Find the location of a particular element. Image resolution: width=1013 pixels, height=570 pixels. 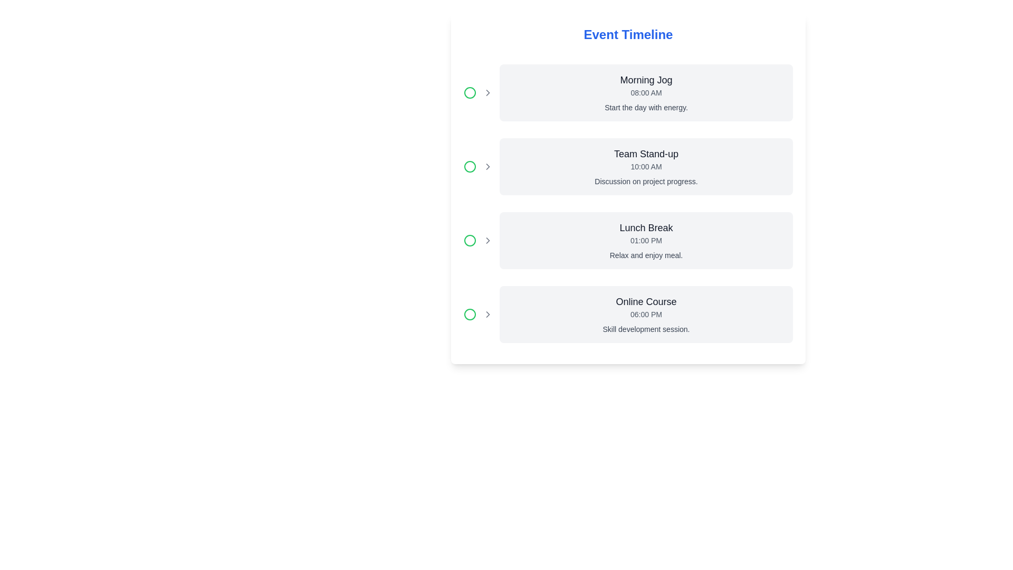

the right-pointing chevron icon next to the 'Relax and enjoy meal' text in the 'Lunch Break' section is located at coordinates (488, 240).